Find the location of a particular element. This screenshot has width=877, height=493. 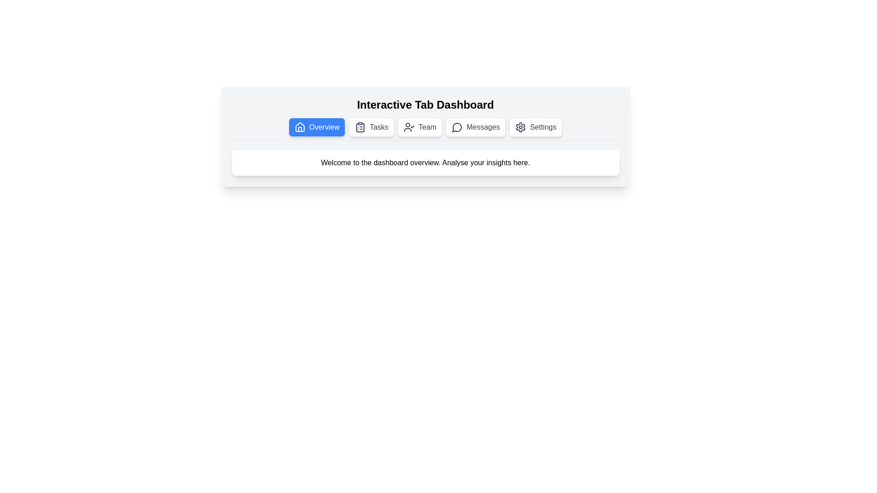

the 'Messages' icon element which serves as a symbolic representation for the 'Messages' tab located on the main navigation bar is located at coordinates (457, 127).